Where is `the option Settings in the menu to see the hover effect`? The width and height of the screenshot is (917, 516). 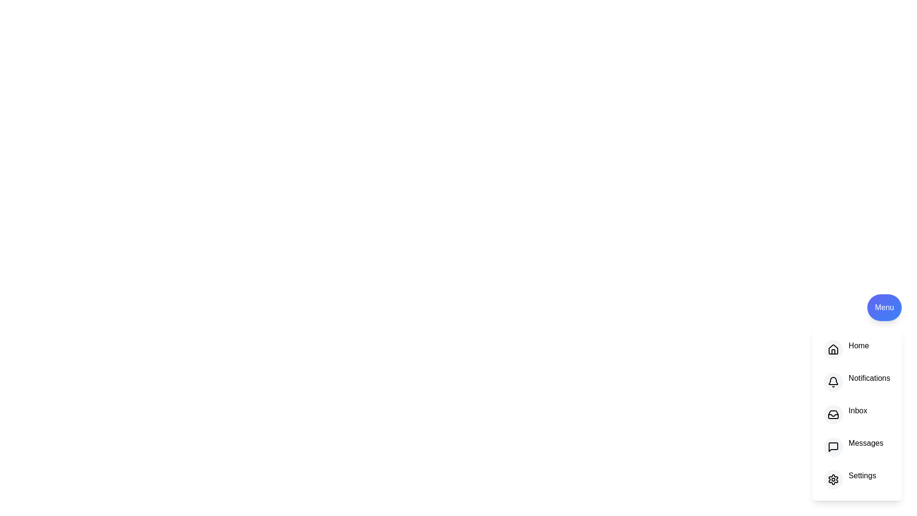 the option Settings in the menu to see the hover effect is located at coordinates (857, 479).